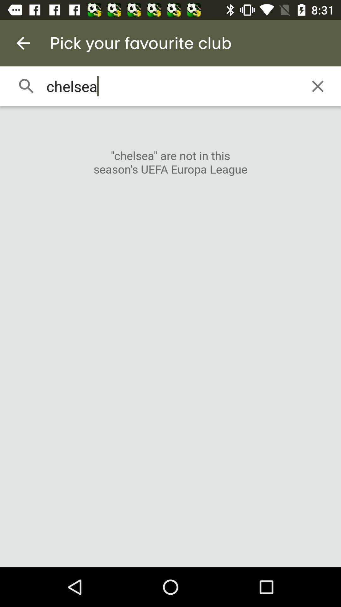  Describe the element at coordinates (318, 86) in the screenshot. I see `the item next to chelsea` at that location.